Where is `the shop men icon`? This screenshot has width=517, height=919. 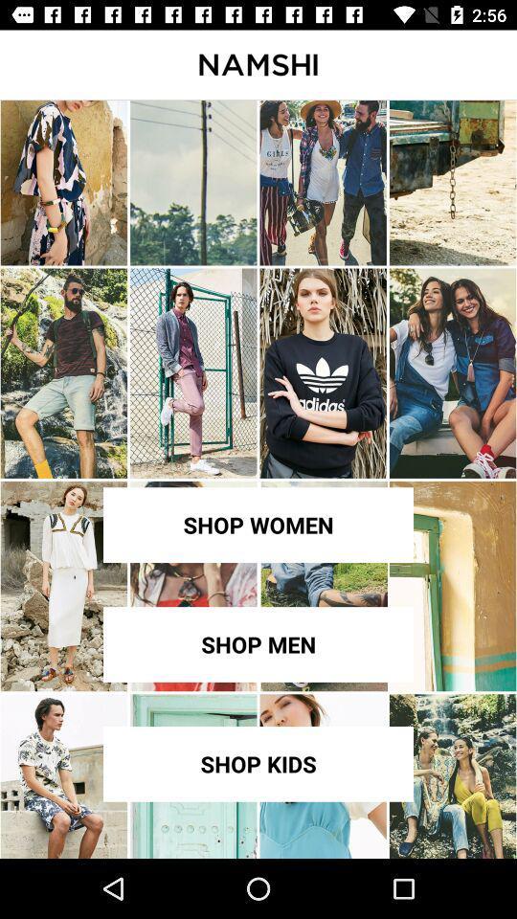 the shop men icon is located at coordinates (258, 644).